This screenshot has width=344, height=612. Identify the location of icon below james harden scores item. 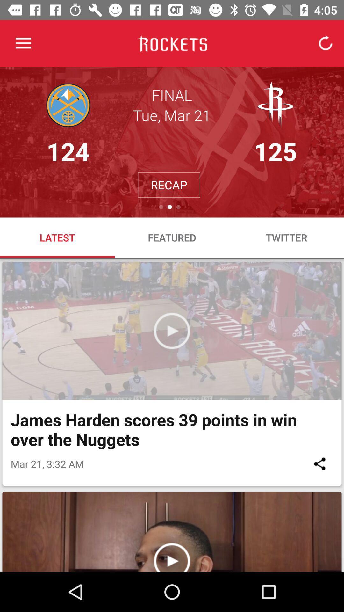
(319, 464).